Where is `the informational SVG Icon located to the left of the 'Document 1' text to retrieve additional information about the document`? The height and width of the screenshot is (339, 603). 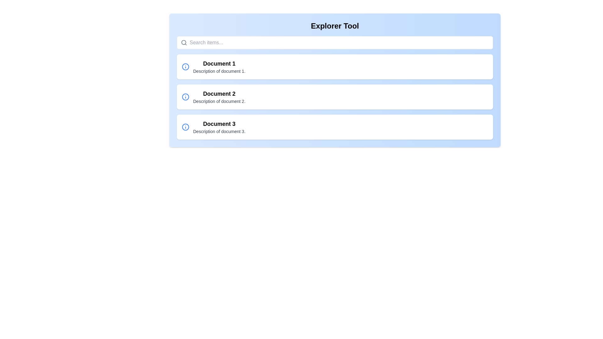 the informational SVG Icon located to the left of the 'Document 1' text to retrieve additional information about the document is located at coordinates (185, 67).